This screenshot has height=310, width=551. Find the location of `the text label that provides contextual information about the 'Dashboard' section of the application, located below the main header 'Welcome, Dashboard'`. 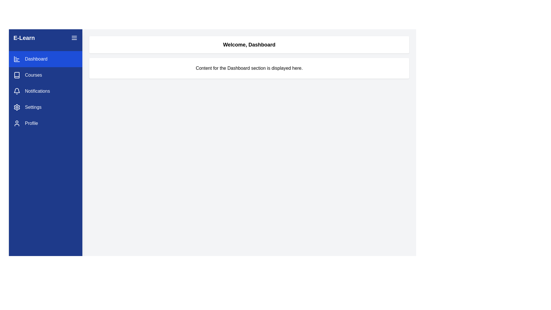

the text label that provides contextual information about the 'Dashboard' section of the application, located below the main header 'Welcome, Dashboard' is located at coordinates (249, 68).